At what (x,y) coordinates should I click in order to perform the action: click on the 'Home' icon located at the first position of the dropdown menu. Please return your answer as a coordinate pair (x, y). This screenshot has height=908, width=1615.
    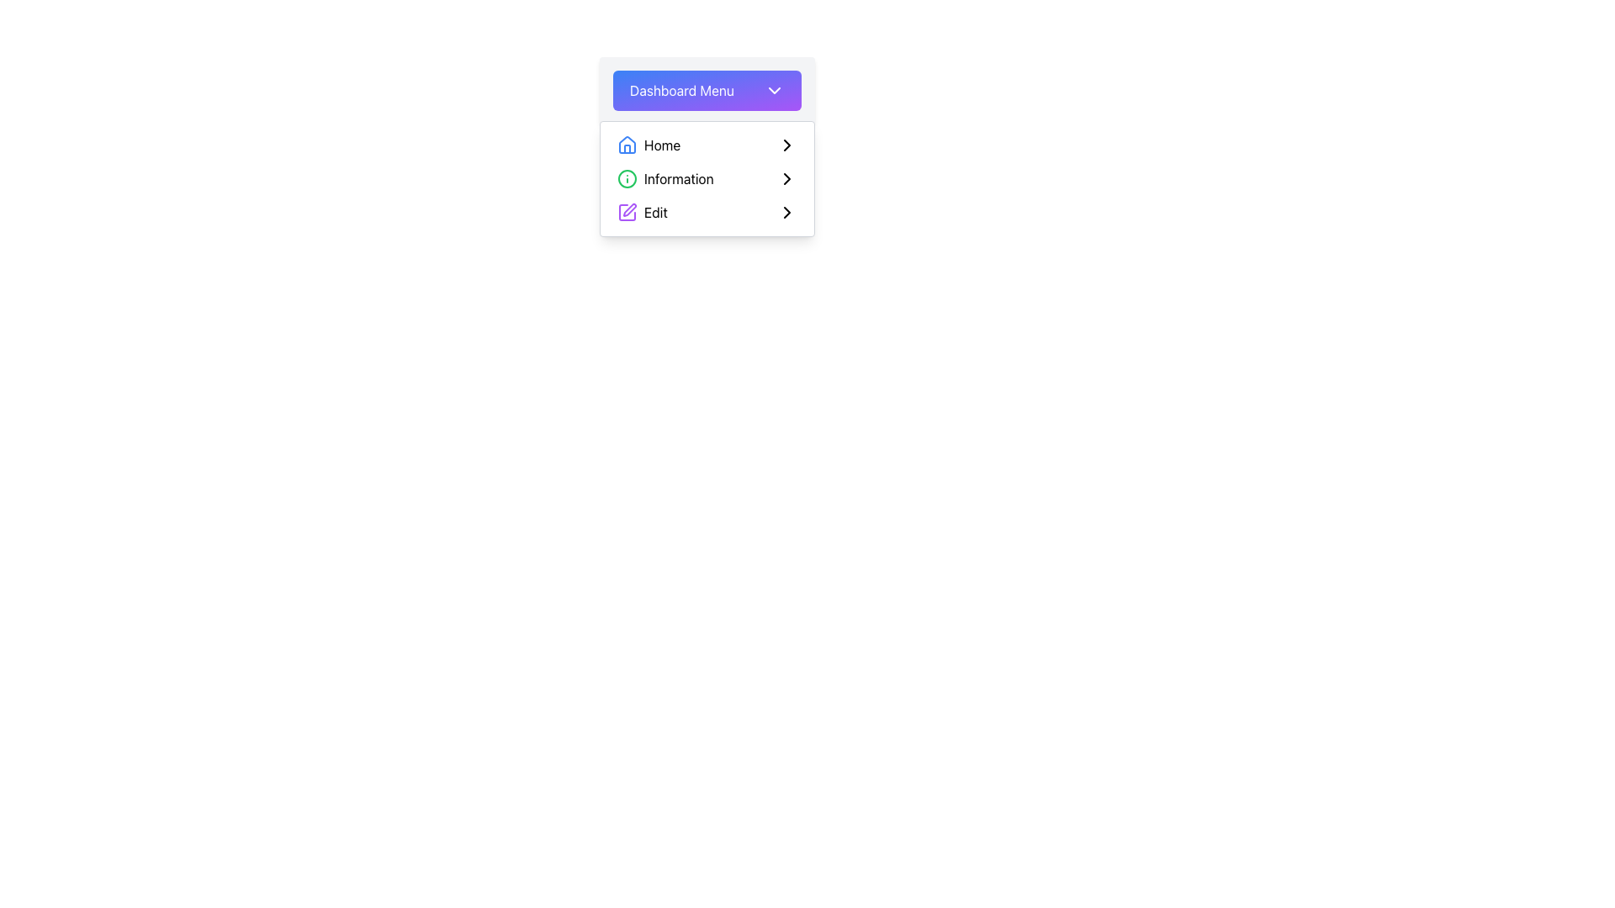
    Looking at the image, I should click on (626, 145).